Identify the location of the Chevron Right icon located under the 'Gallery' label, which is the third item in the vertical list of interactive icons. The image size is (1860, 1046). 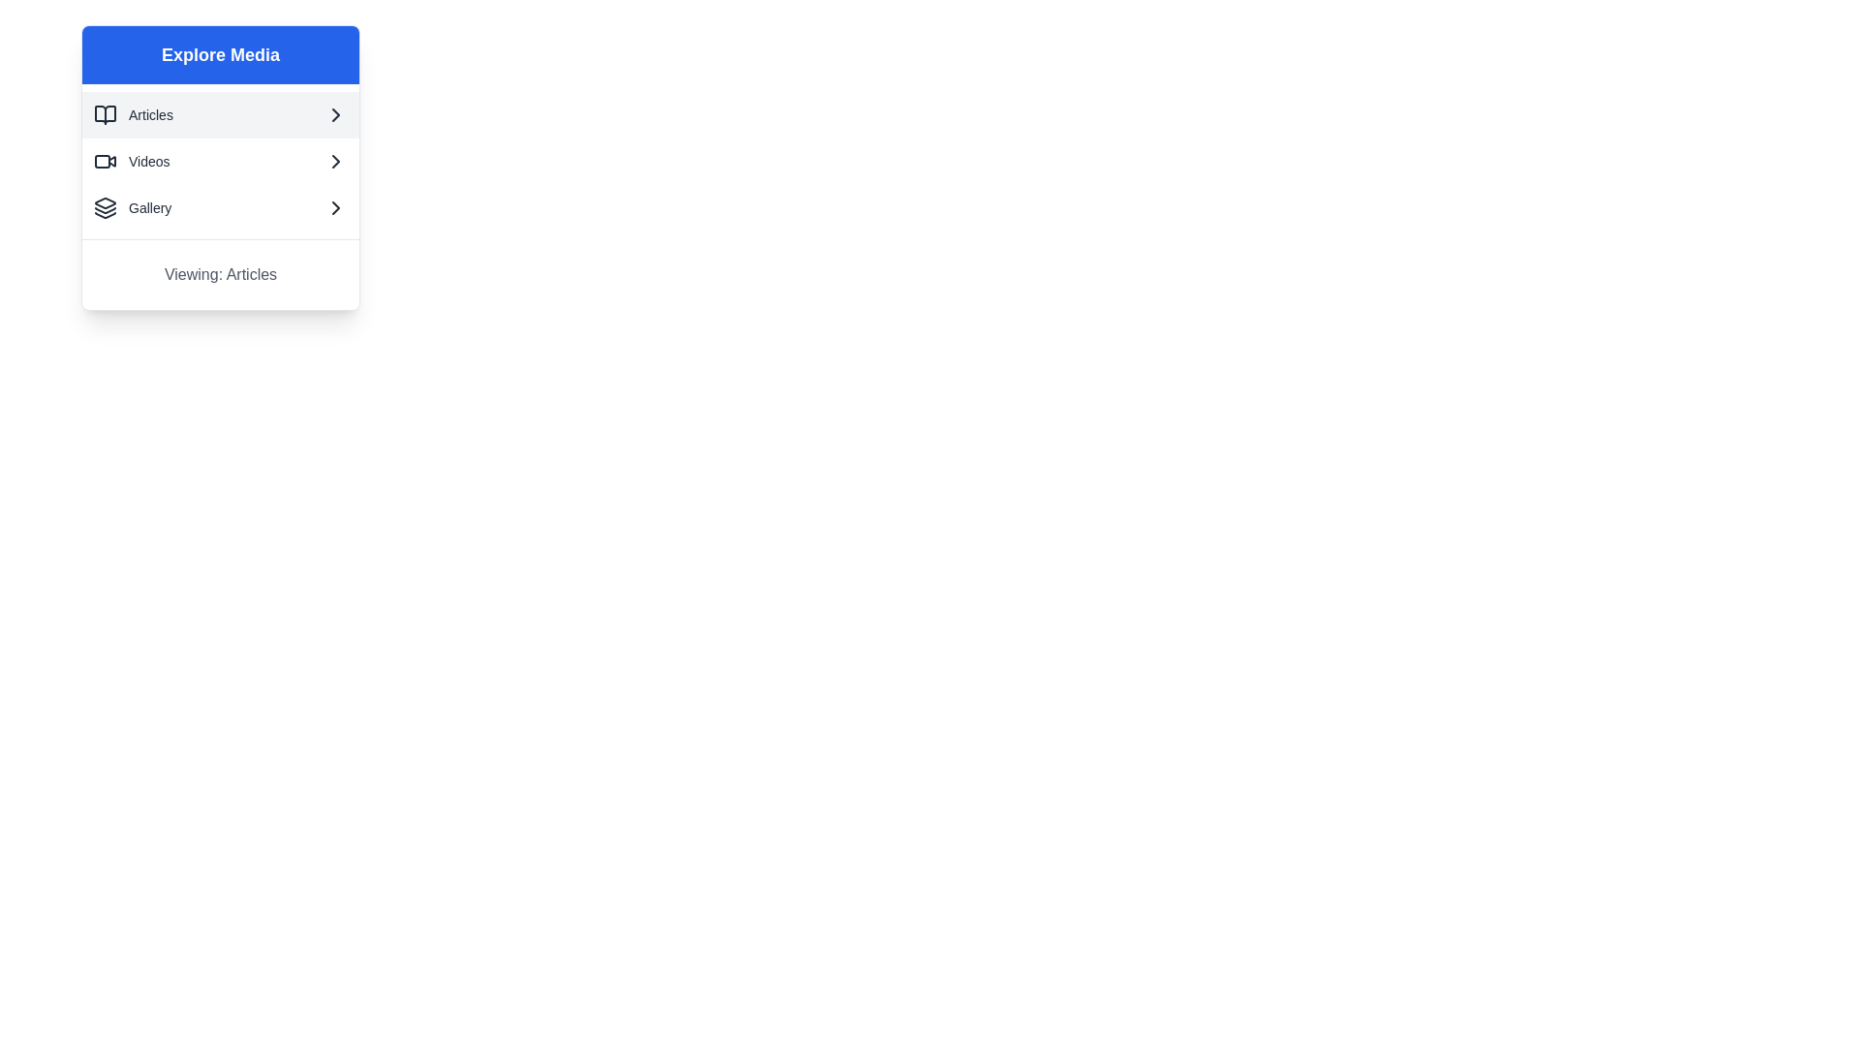
(335, 208).